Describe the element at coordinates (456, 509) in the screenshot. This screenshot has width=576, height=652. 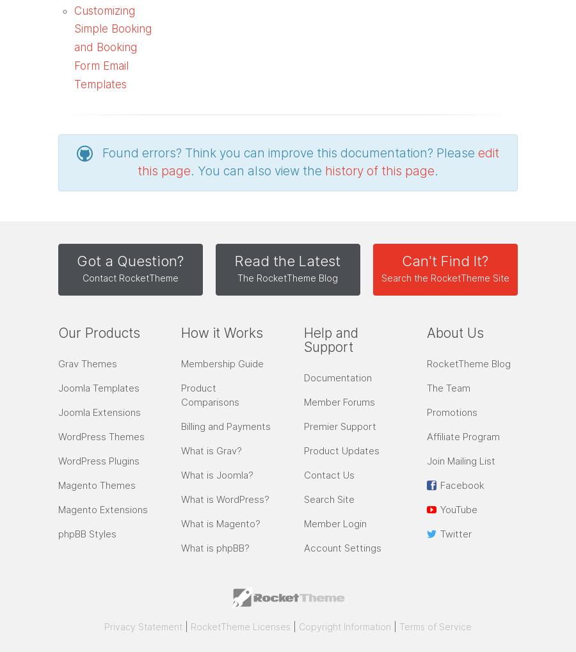
I see `'YouTube'` at that location.